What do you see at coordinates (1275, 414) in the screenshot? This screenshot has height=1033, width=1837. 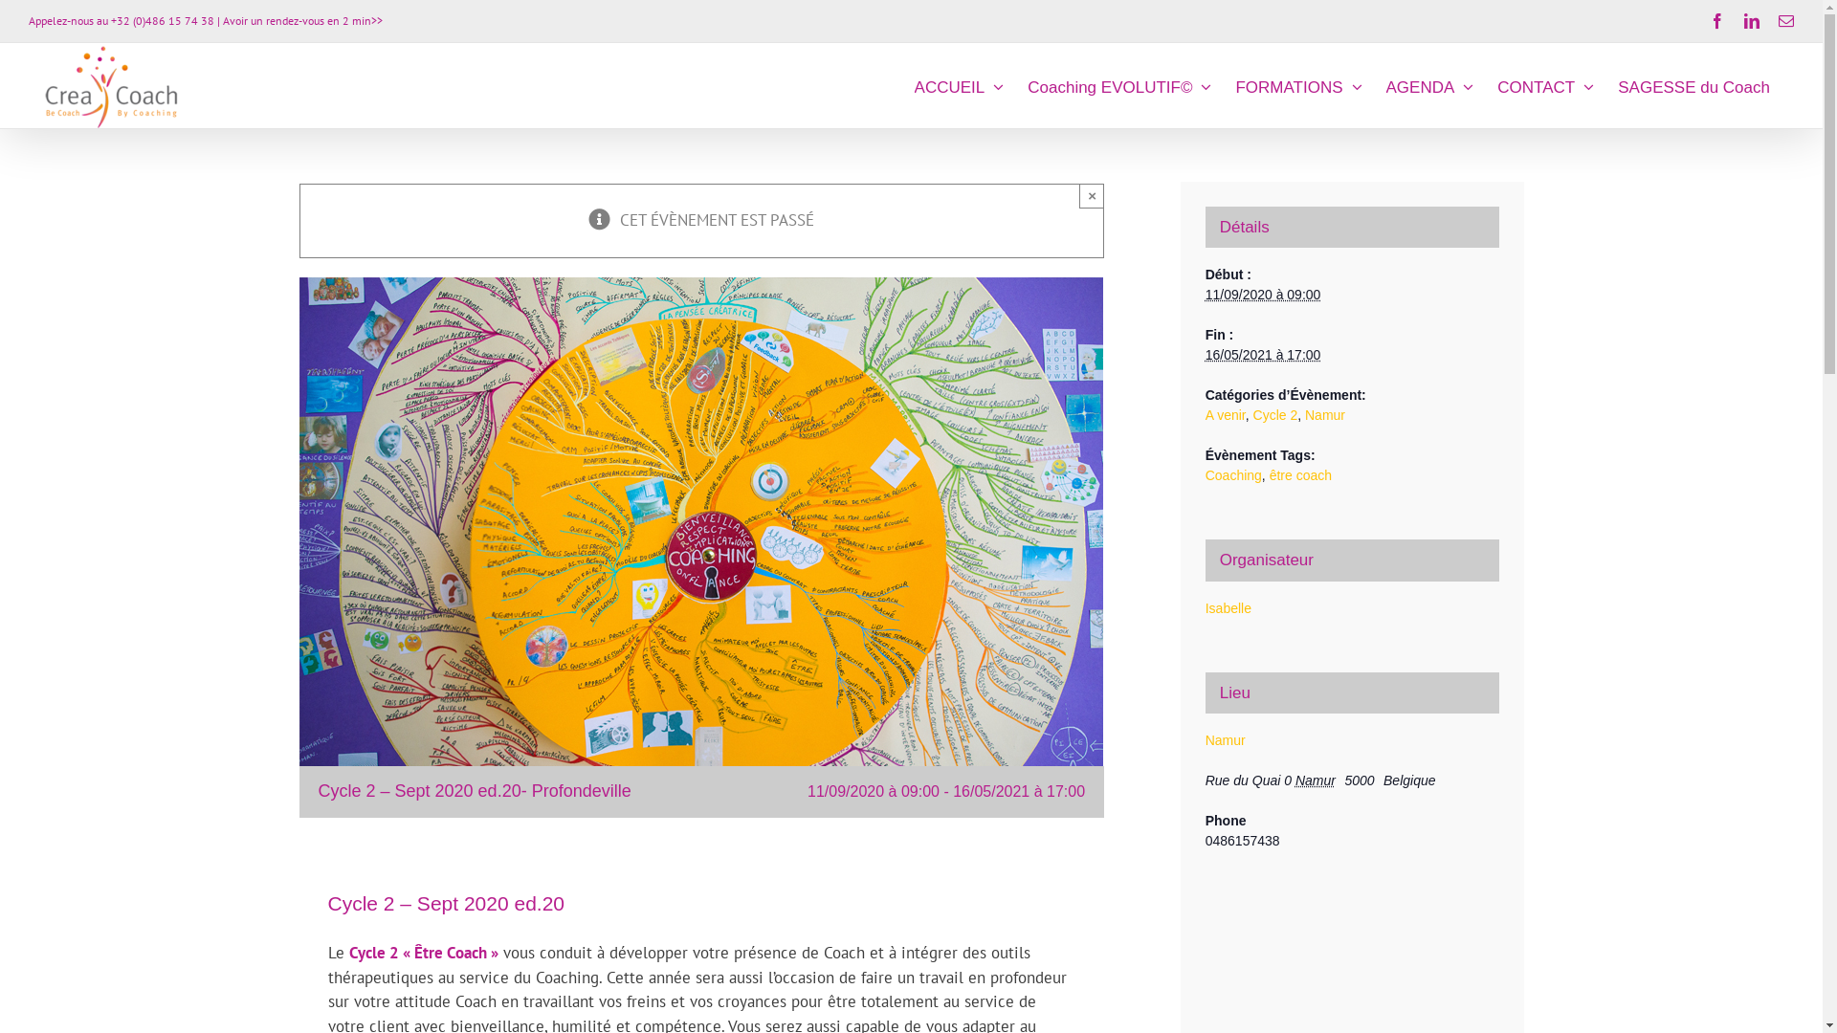 I see `'Cycle 2'` at bounding box center [1275, 414].